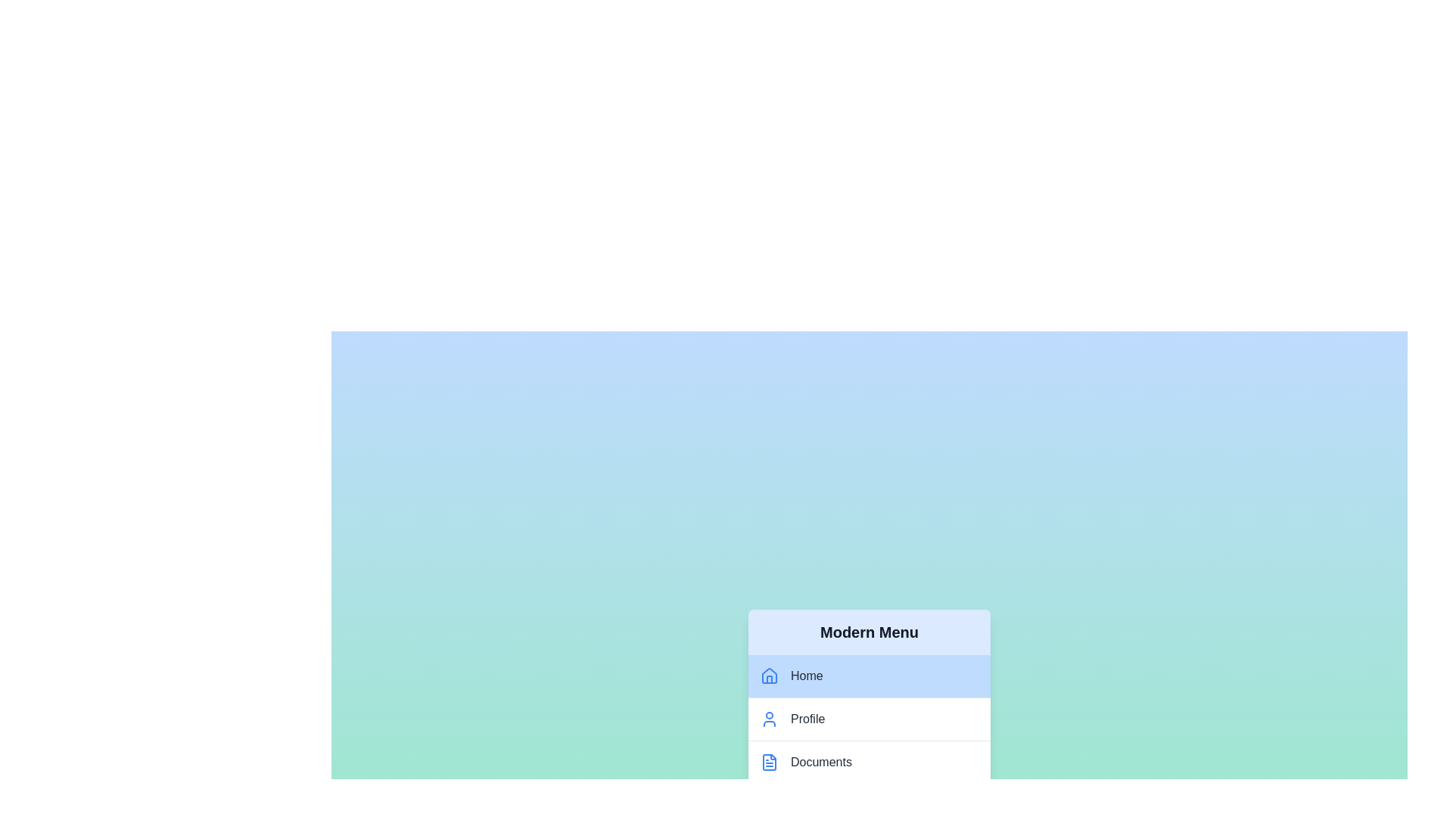 This screenshot has height=817, width=1453. I want to click on the menu item labeled Home to observe the hover effect, so click(869, 676).